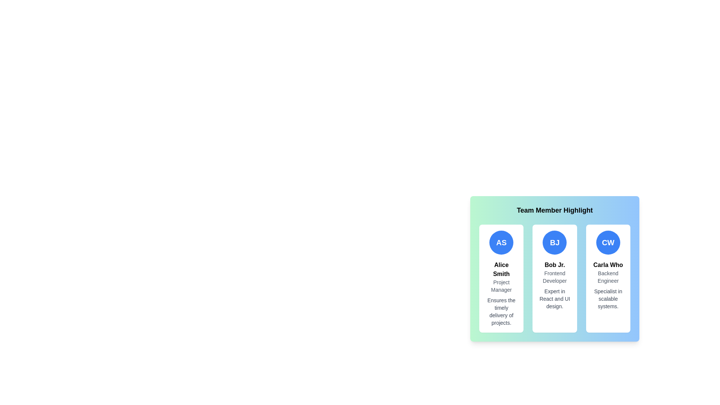  I want to click on the Circular Badge representing the initials 'BJ' located above the text 'Bob Jr.' within the profile card, so click(555, 243).